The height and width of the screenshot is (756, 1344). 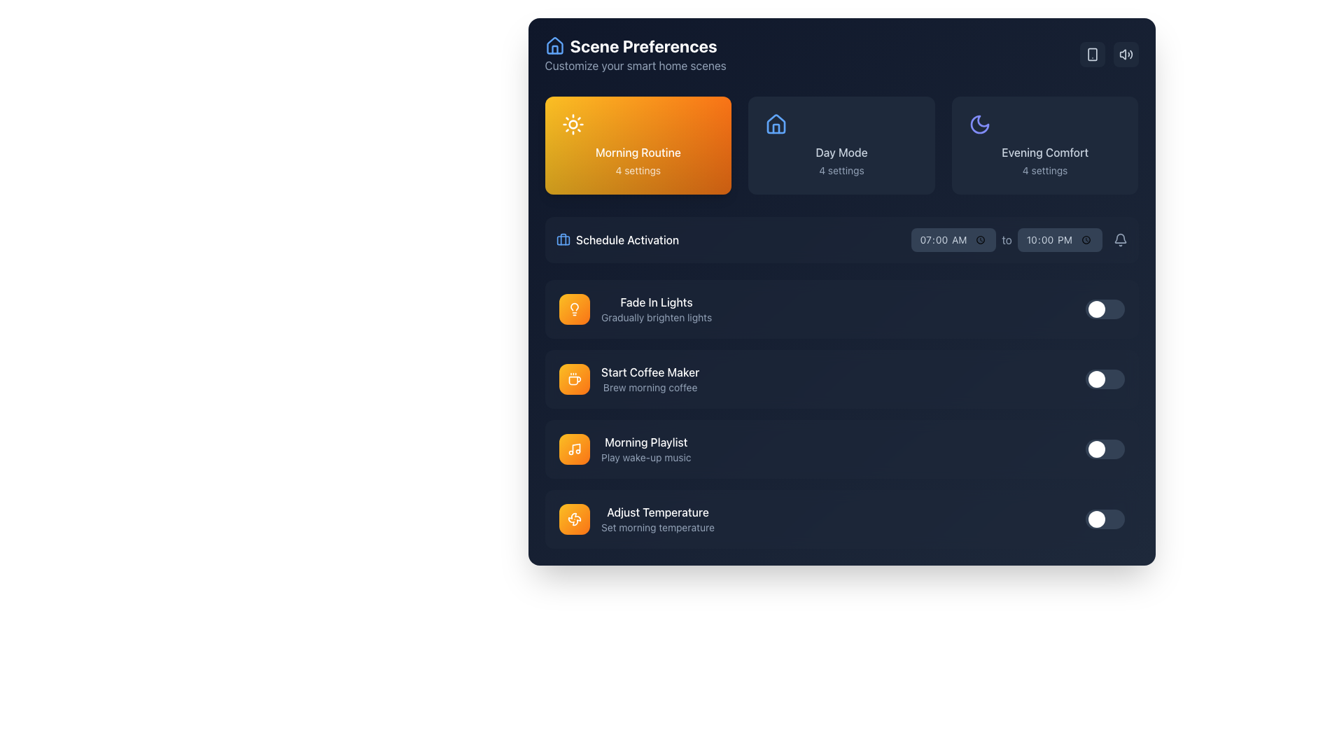 What do you see at coordinates (624, 449) in the screenshot?
I see `the 'Morning Playlist' selectable item in the middle-right section of the interface` at bounding box center [624, 449].